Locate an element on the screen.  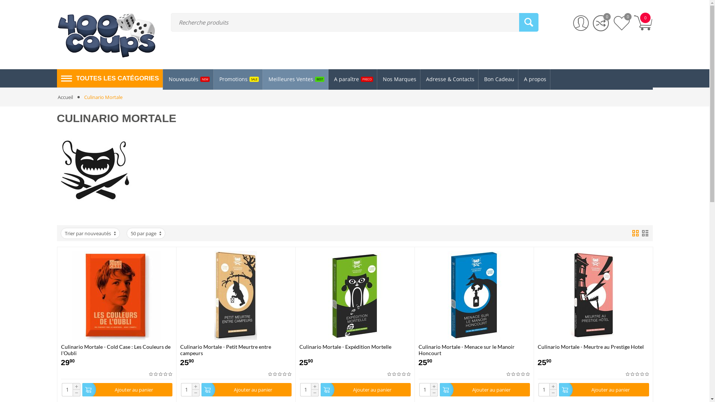
'0' is located at coordinates (622, 23).